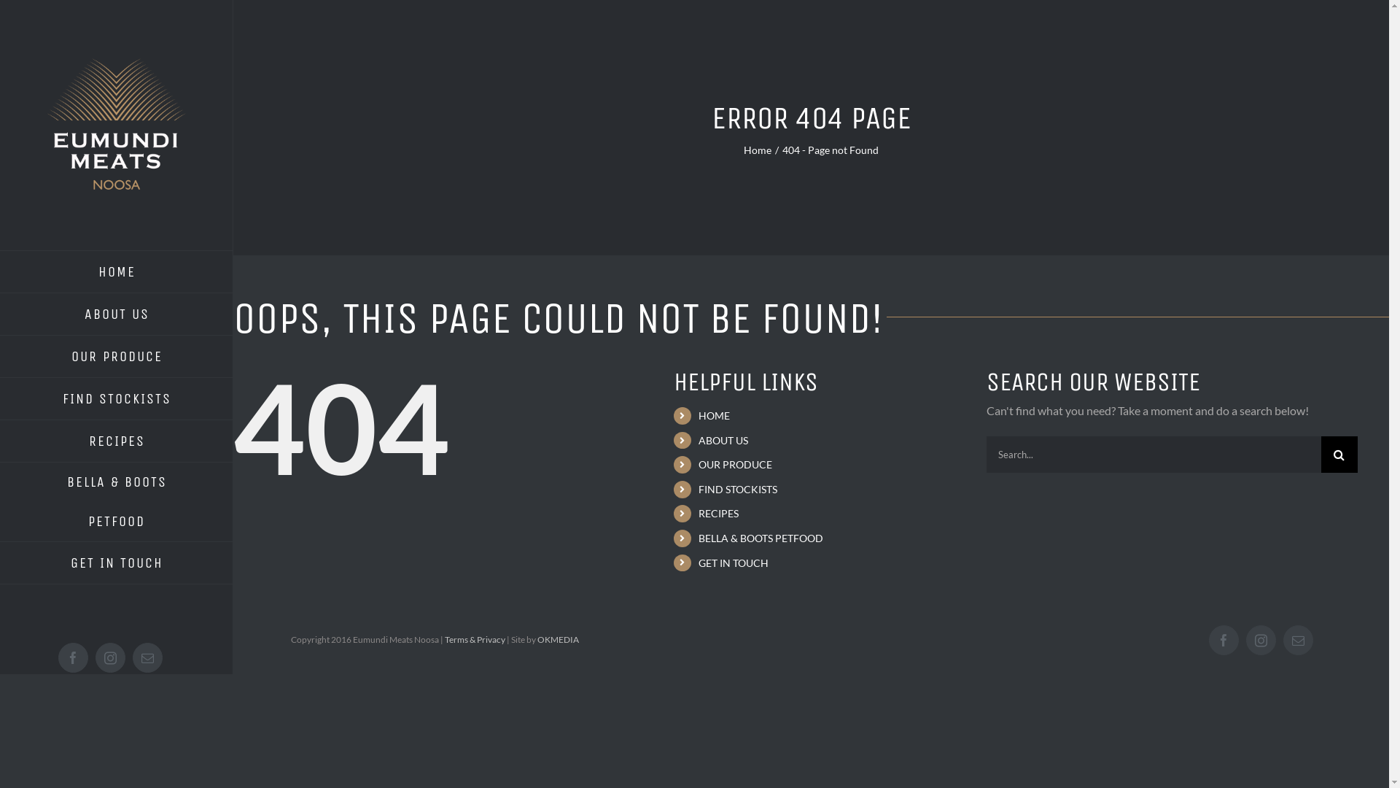  Describe the element at coordinates (94, 657) in the screenshot. I see `'Instagram'` at that location.